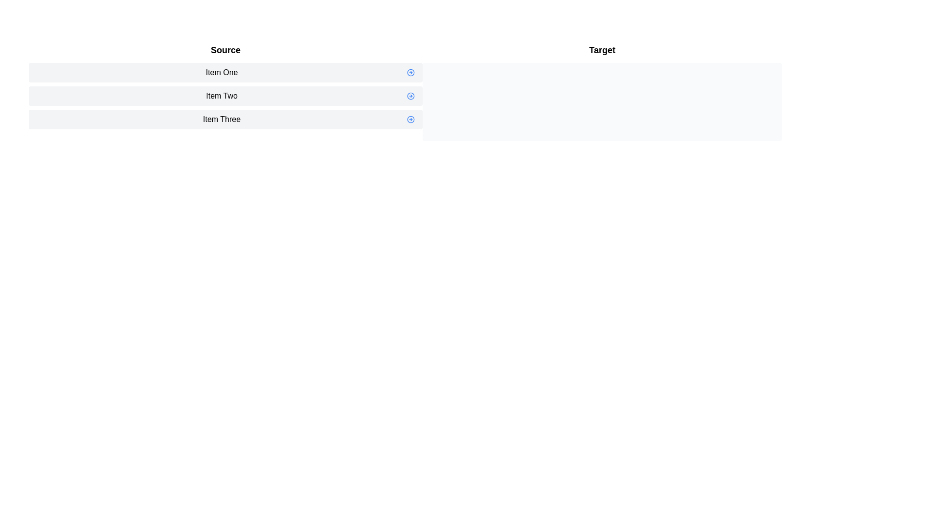  Describe the element at coordinates (411, 96) in the screenshot. I see `the decorative vector graphic circle within the SVG that is positioned next to the text 'Item Two'` at that location.